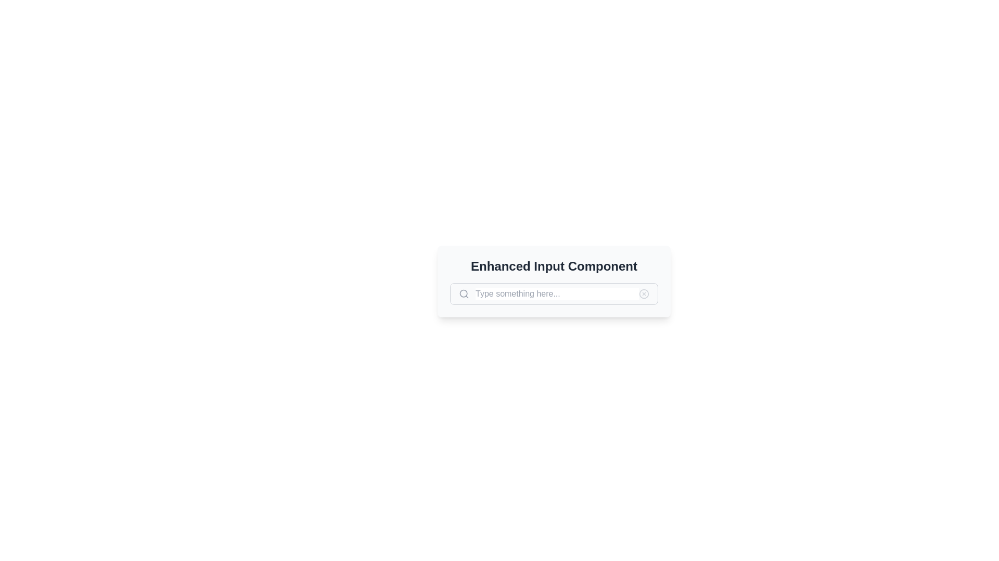 This screenshot has height=561, width=999. What do you see at coordinates (554, 266) in the screenshot?
I see `the bold text labeled 'Enhanced Input Component', which is prominently displayed in a large font size and dark gray color within a light gray rounded rectangular box` at bounding box center [554, 266].